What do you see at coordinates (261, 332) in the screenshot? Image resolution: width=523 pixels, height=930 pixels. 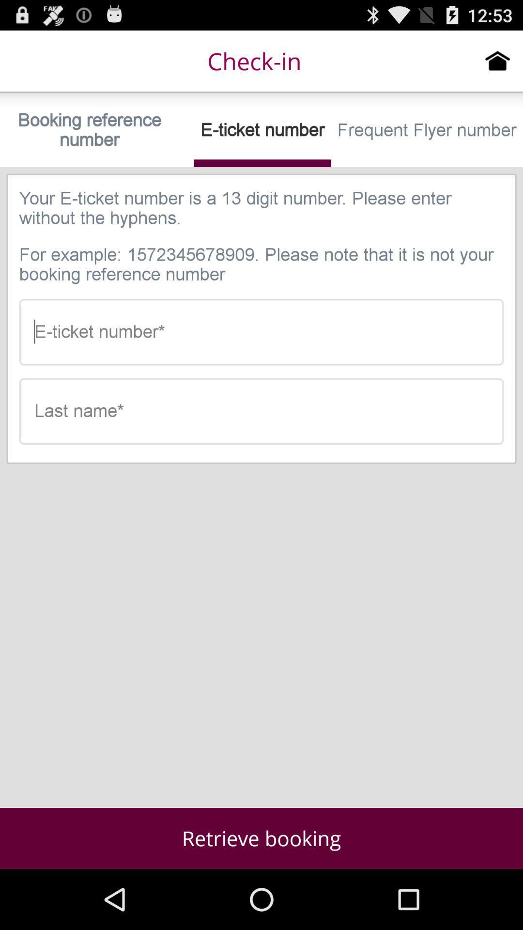 I see `the item below the for example 1572345678909 item` at bounding box center [261, 332].